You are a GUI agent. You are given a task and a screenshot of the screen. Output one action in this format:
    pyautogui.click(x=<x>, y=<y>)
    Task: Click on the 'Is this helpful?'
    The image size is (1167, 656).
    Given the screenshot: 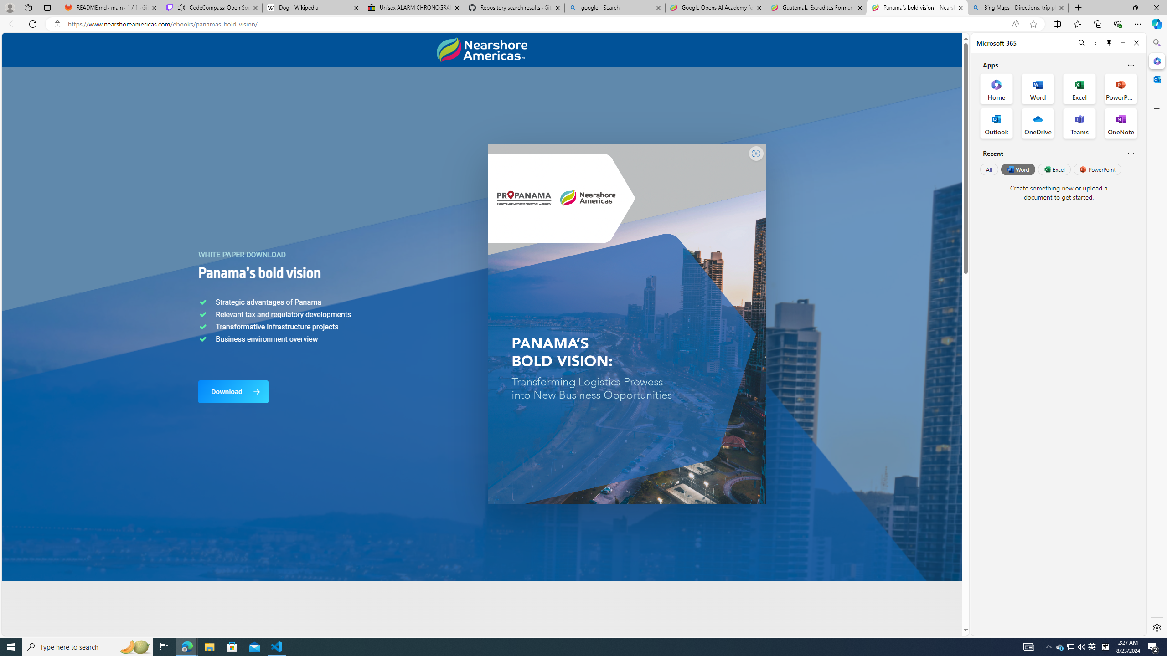 What is the action you would take?
    pyautogui.click(x=1130, y=153)
    